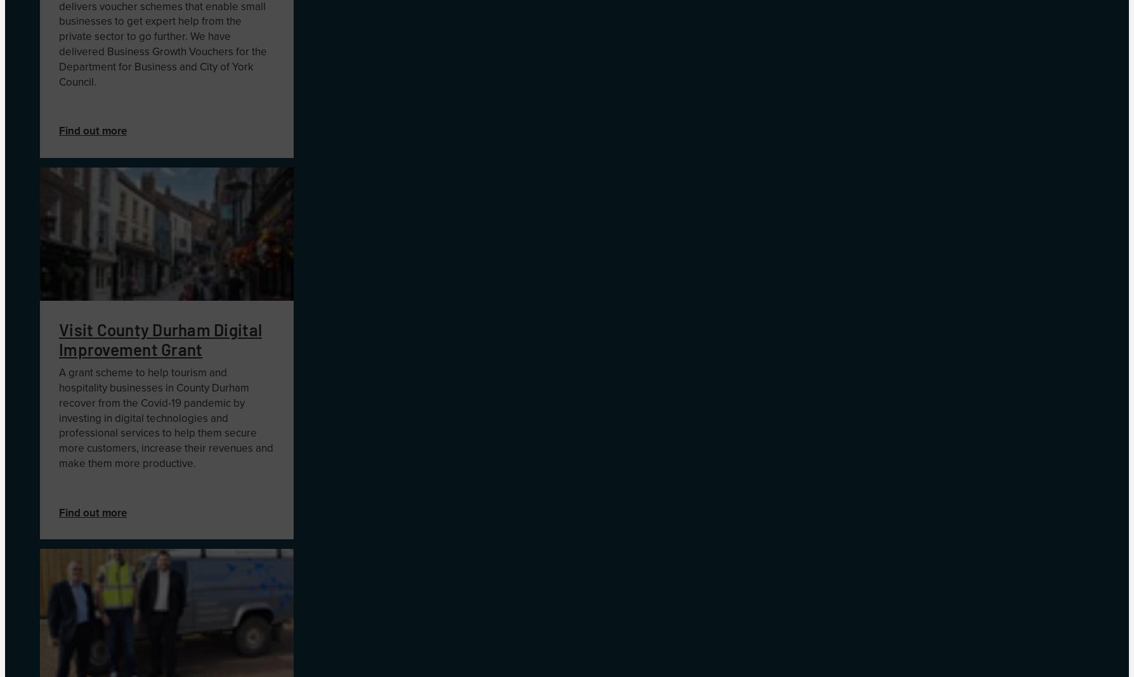  What do you see at coordinates (150, 28) in the screenshot?
I see `'the private sector'` at bounding box center [150, 28].